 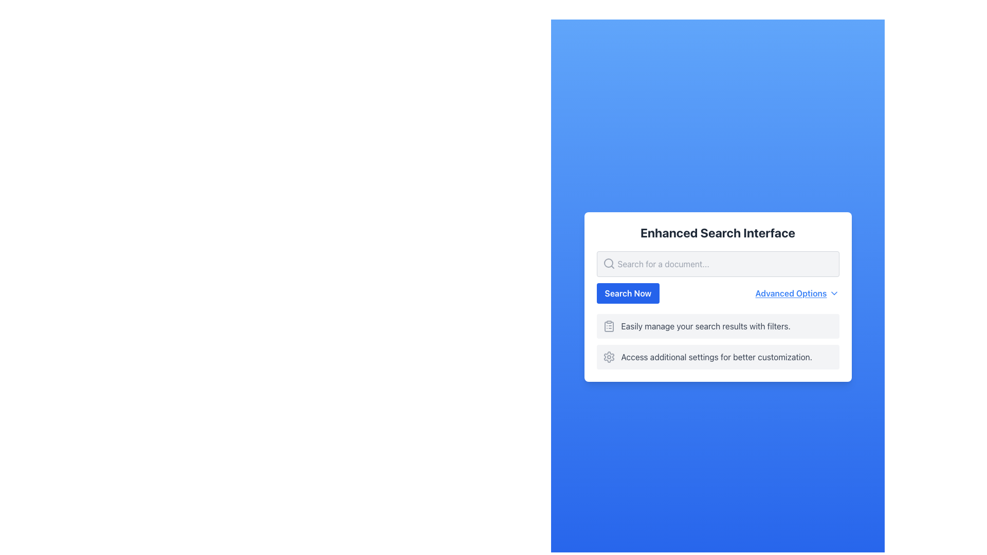 What do you see at coordinates (716, 356) in the screenshot?
I see `the text label providing guidance about accessing additional settings for customization, located at the bottom of the interface inside a light gray box with rounded corners` at bounding box center [716, 356].